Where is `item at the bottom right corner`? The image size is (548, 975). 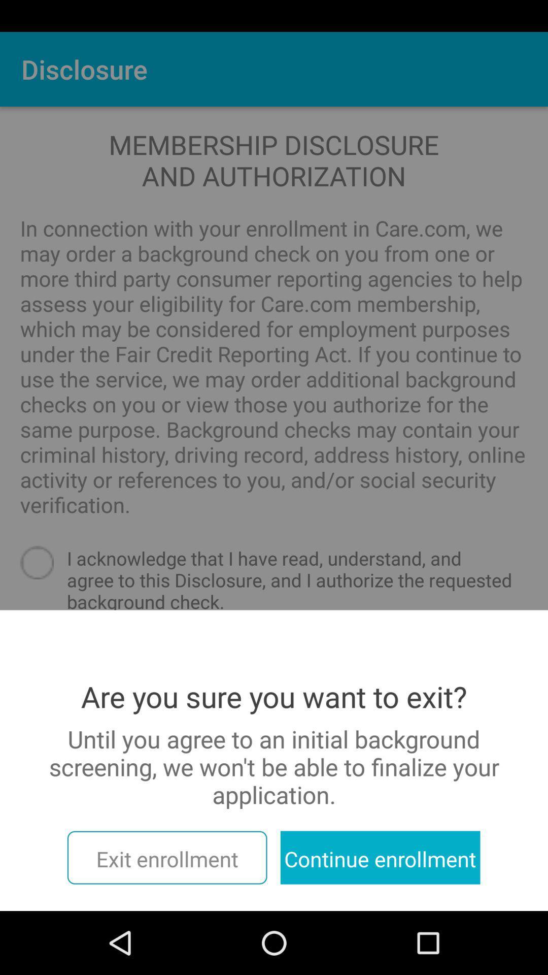 item at the bottom right corner is located at coordinates (380, 857).